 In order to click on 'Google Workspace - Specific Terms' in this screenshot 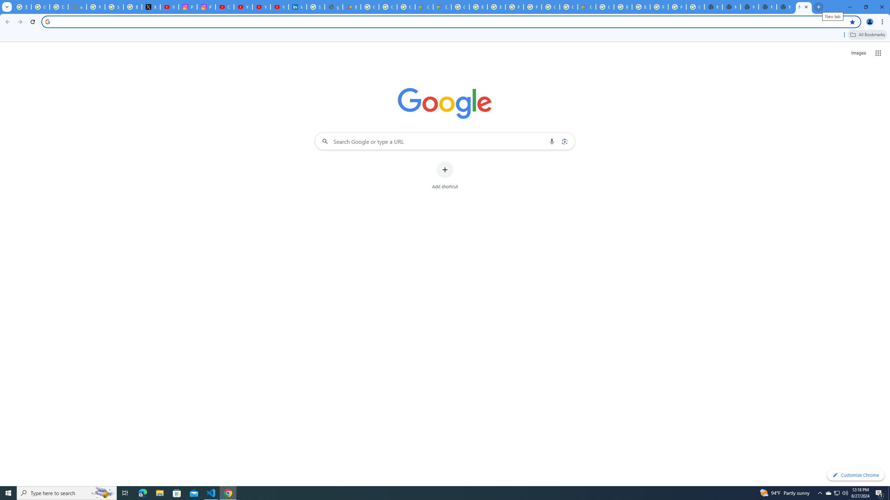, I will do `click(388, 7)`.